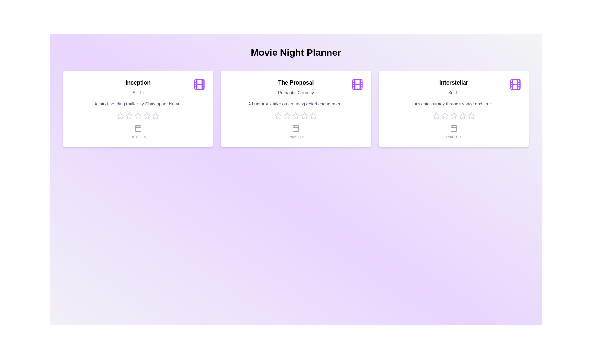  Describe the element at coordinates (454, 128) in the screenshot. I see `the calendar icon for the movie card Interstellar` at that location.